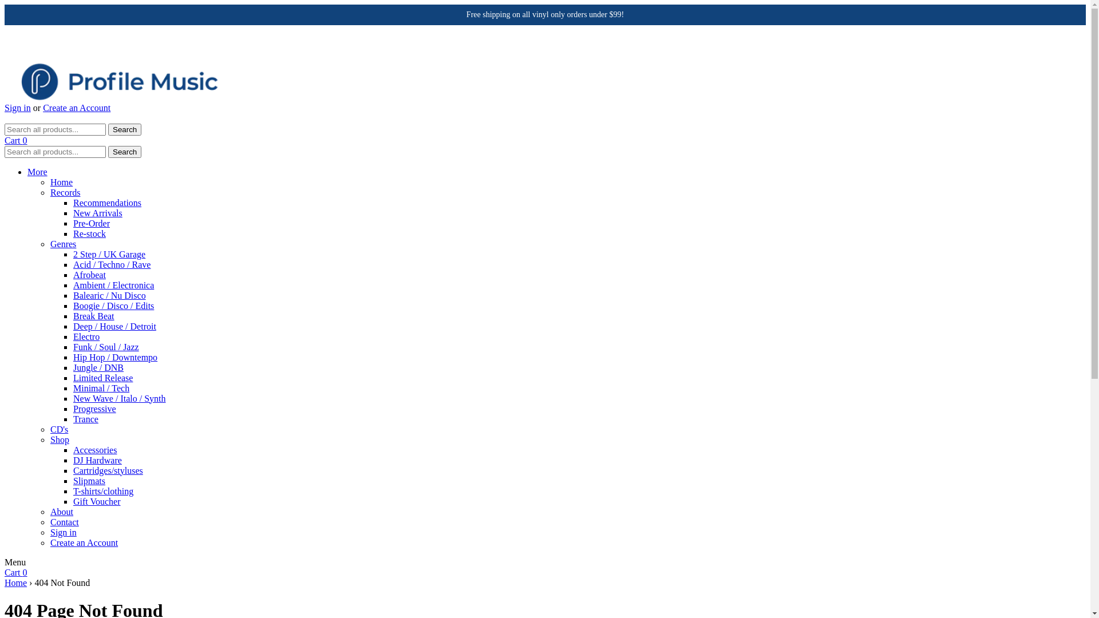  I want to click on 'Jungle / DNB', so click(98, 367).